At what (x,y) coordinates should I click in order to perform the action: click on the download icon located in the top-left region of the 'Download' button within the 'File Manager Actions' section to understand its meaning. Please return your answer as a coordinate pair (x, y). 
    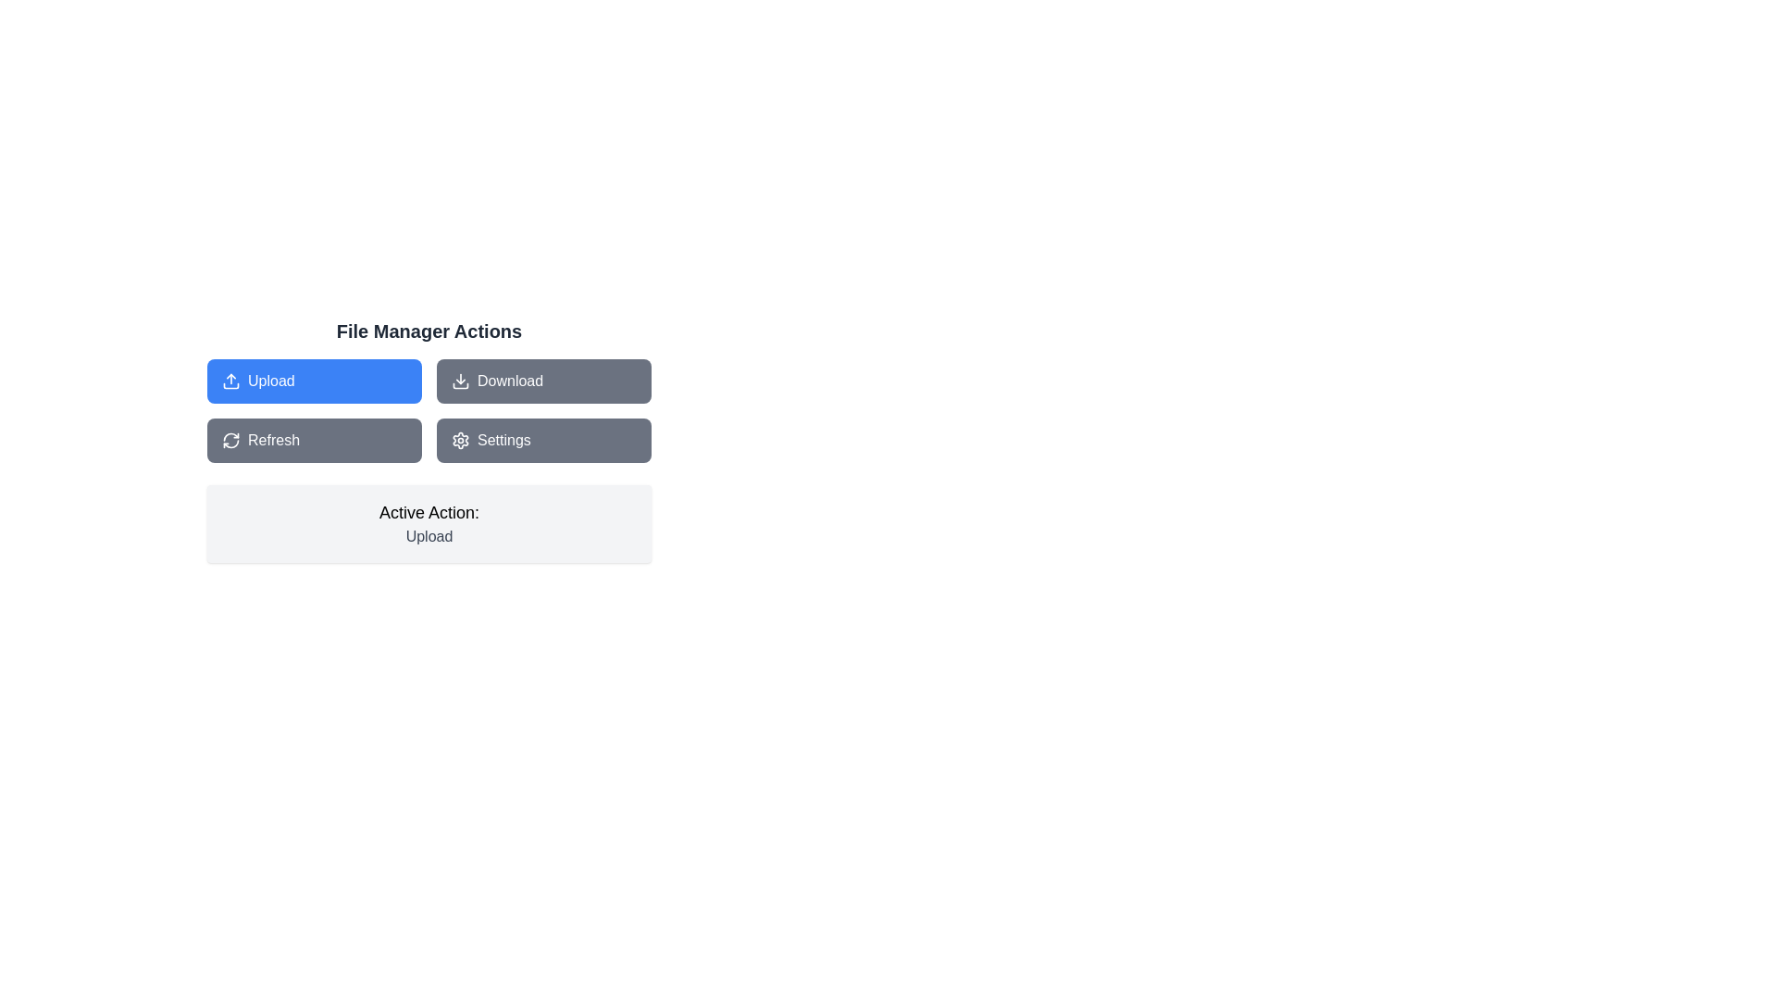
    Looking at the image, I should click on (461, 381).